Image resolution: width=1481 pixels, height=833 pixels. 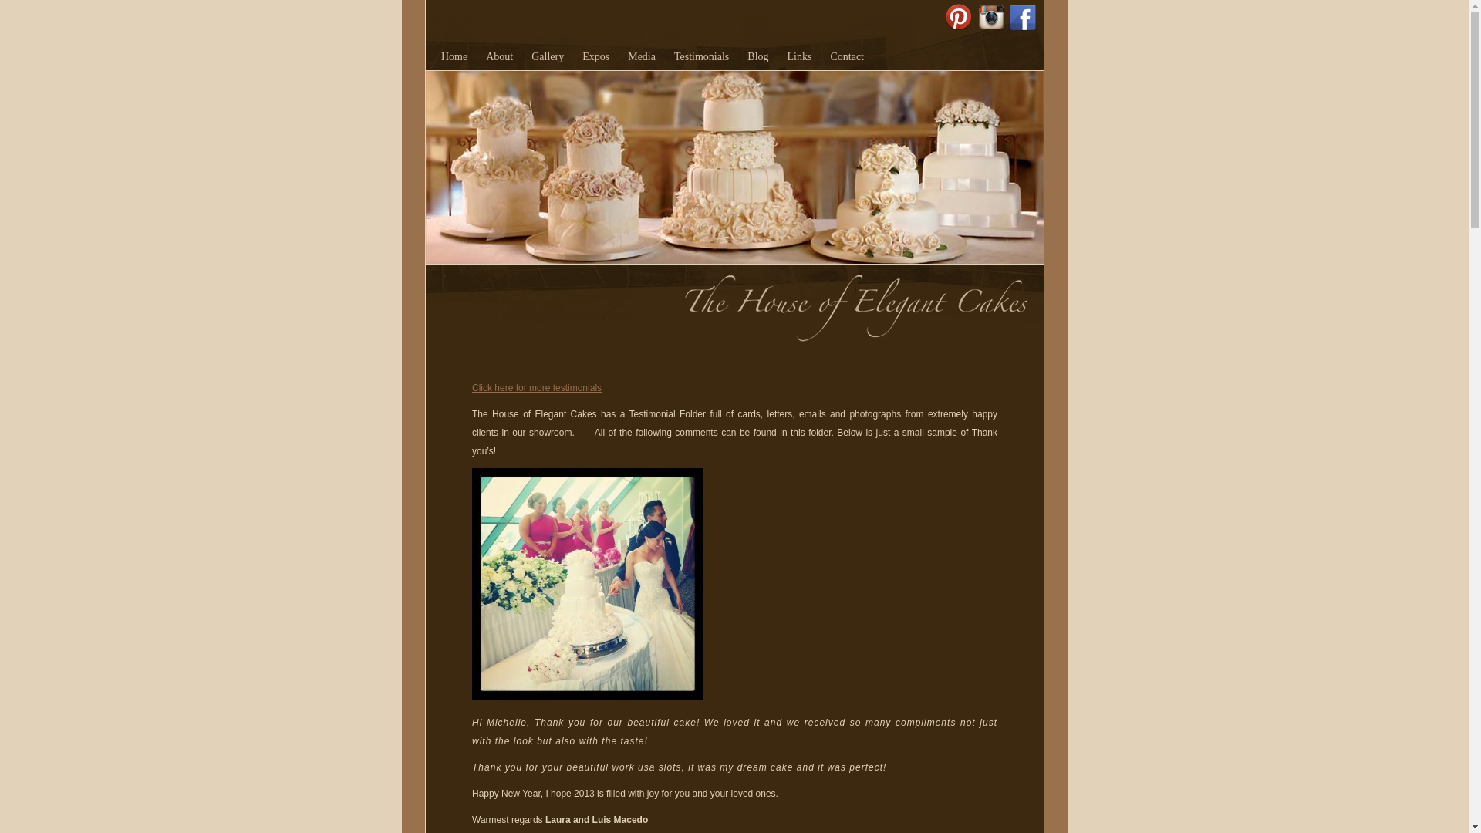 What do you see at coordinates (659, 767) in the screenshot?
I see `'usa slots'` at bounding box center [659, 767].